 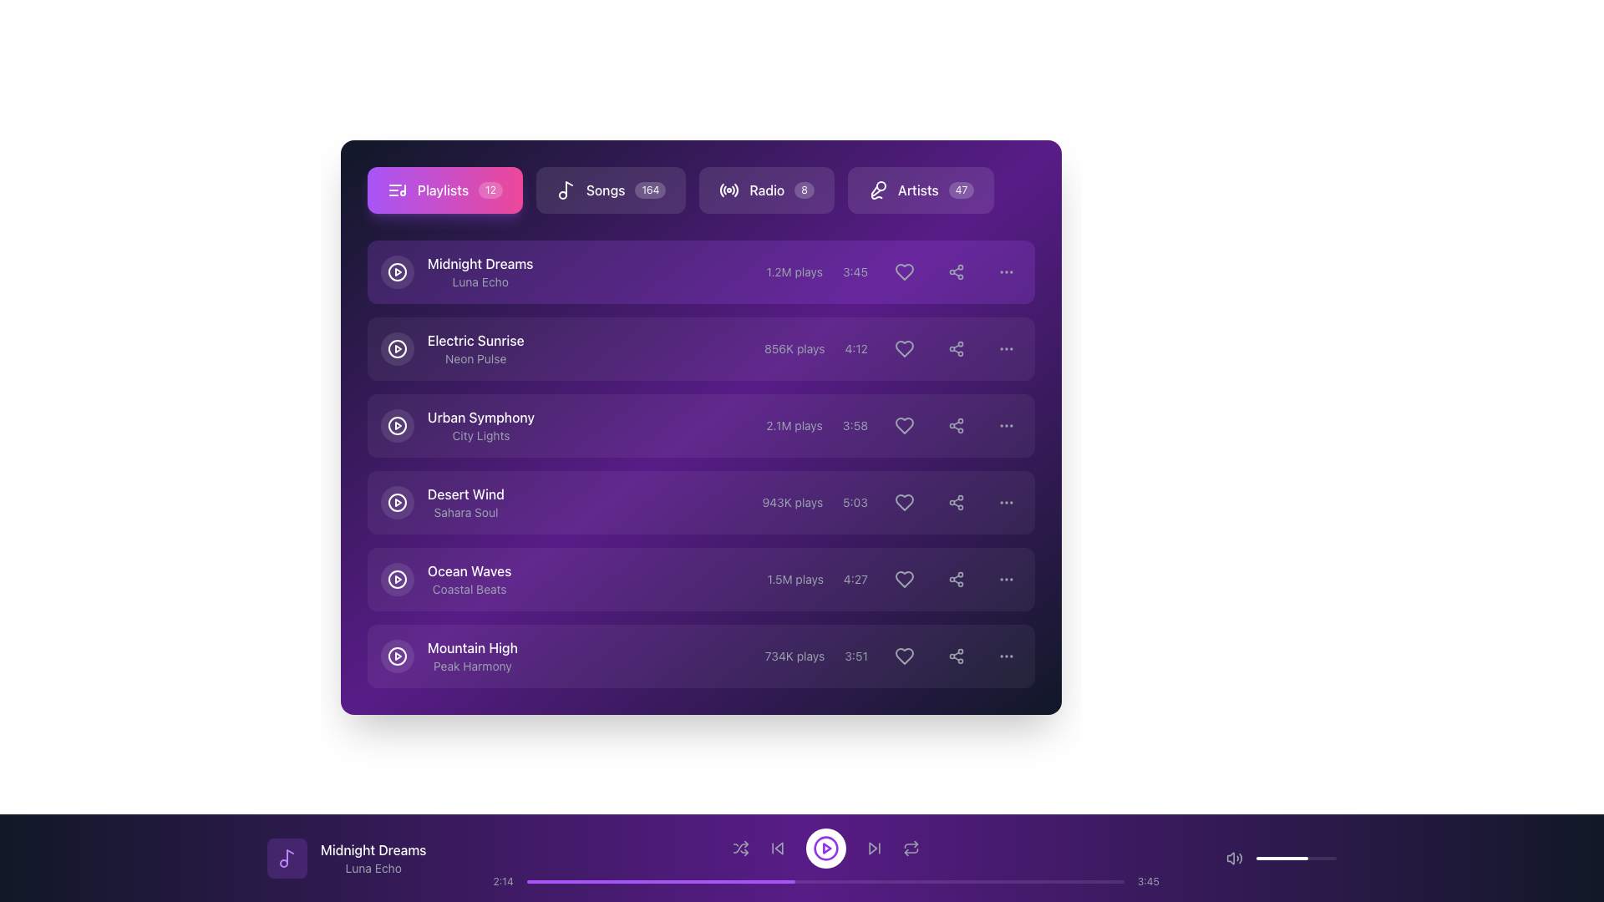 I want to click on the text label element displaying '943K plays', which is located before the song duration '5:03' in the metadata section of the song entry 'Desert Wind', so click(x=791, y=501).